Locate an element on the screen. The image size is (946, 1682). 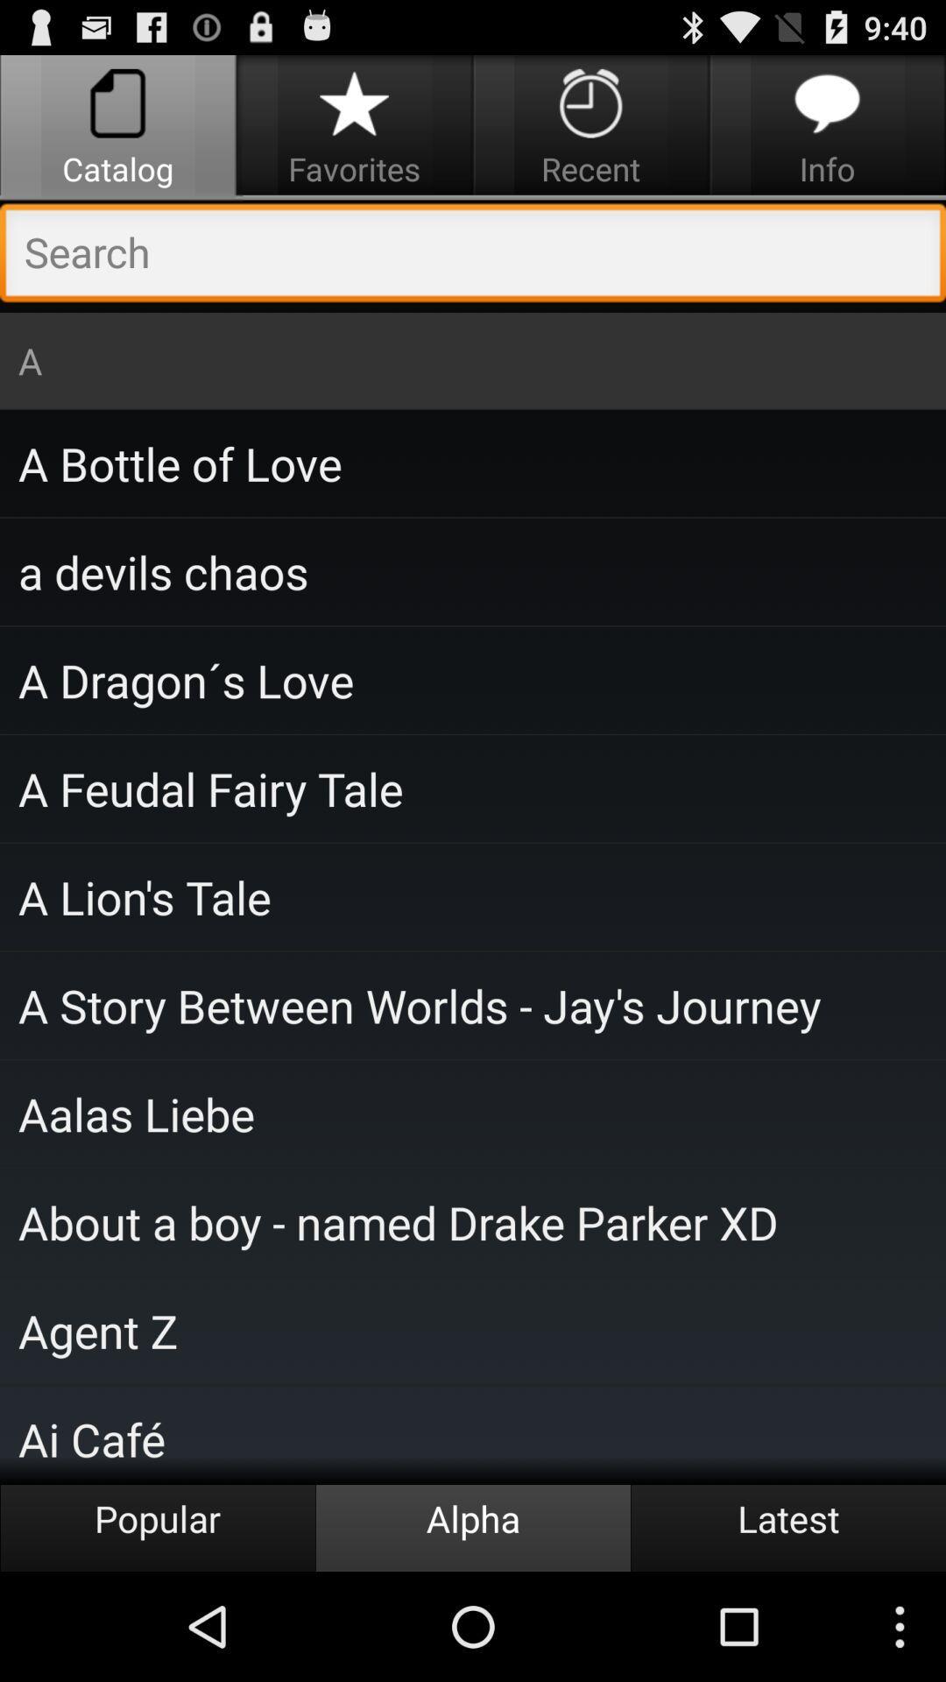
aalas liebe icon is located at coordinates (473, 1113).